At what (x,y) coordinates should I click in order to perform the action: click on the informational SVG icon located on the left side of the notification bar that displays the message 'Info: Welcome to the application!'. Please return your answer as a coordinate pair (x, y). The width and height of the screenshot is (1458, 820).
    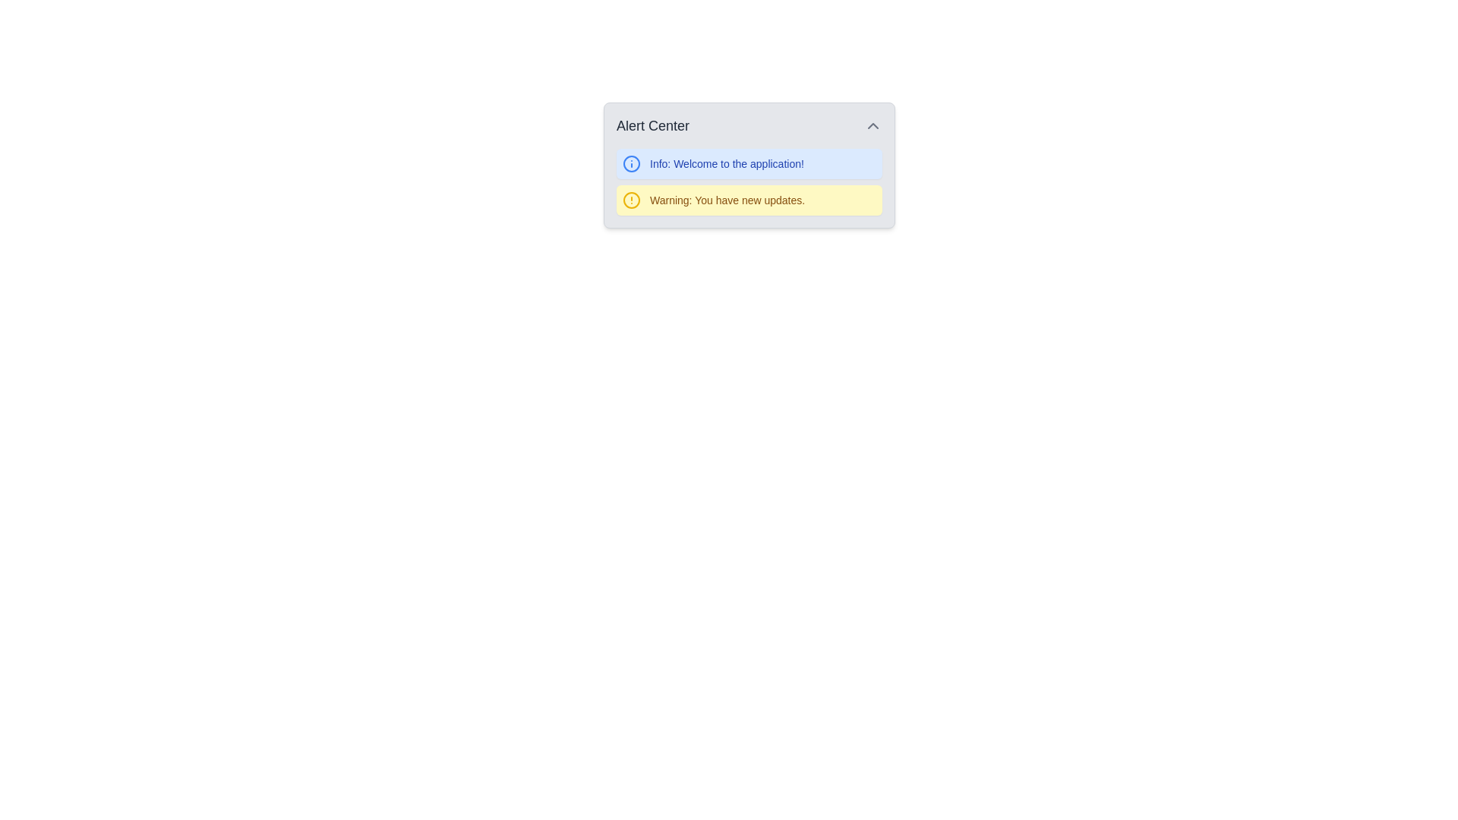
    Looking at the image, I should click on (631, 164).